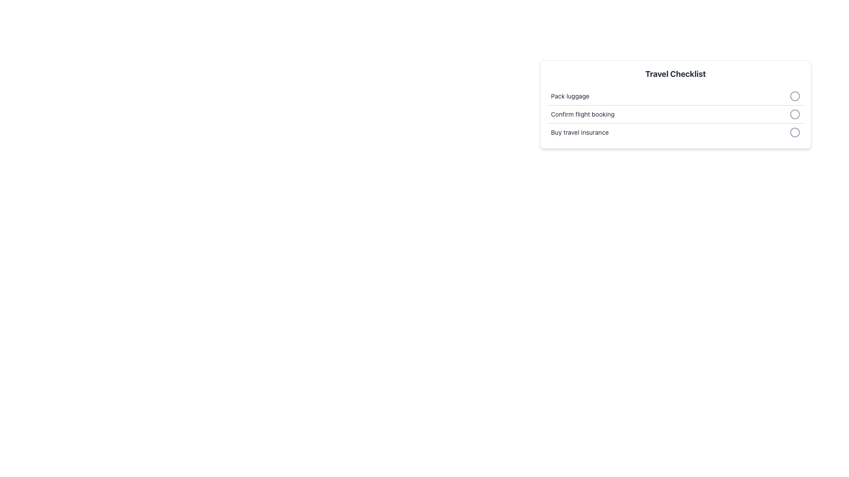 Image resolution: width=849 pixels, height=477 pixels. Describe the element at coordinates (675, 96) in the screenshot. I see `the first checklist item row labeled 'Pack luggage' to focus on it` at that location.